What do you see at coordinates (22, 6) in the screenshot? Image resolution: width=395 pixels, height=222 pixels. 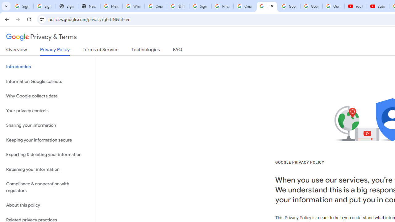 I see `'Sign in - Google Accounts'` at bounding box center [22, 6].